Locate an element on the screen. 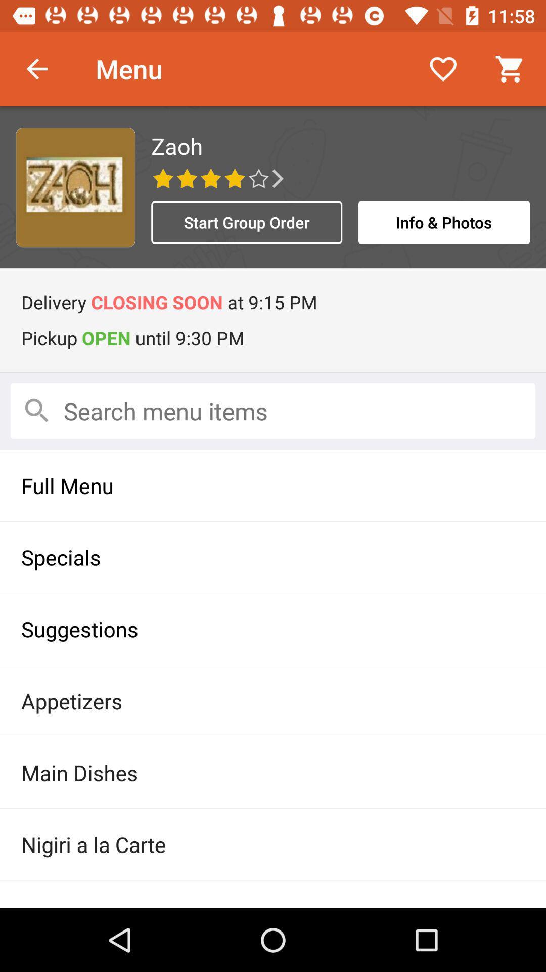 This screenshot has height=972, width=546. icon above the appetizers item is located at coordinates (273, 628).